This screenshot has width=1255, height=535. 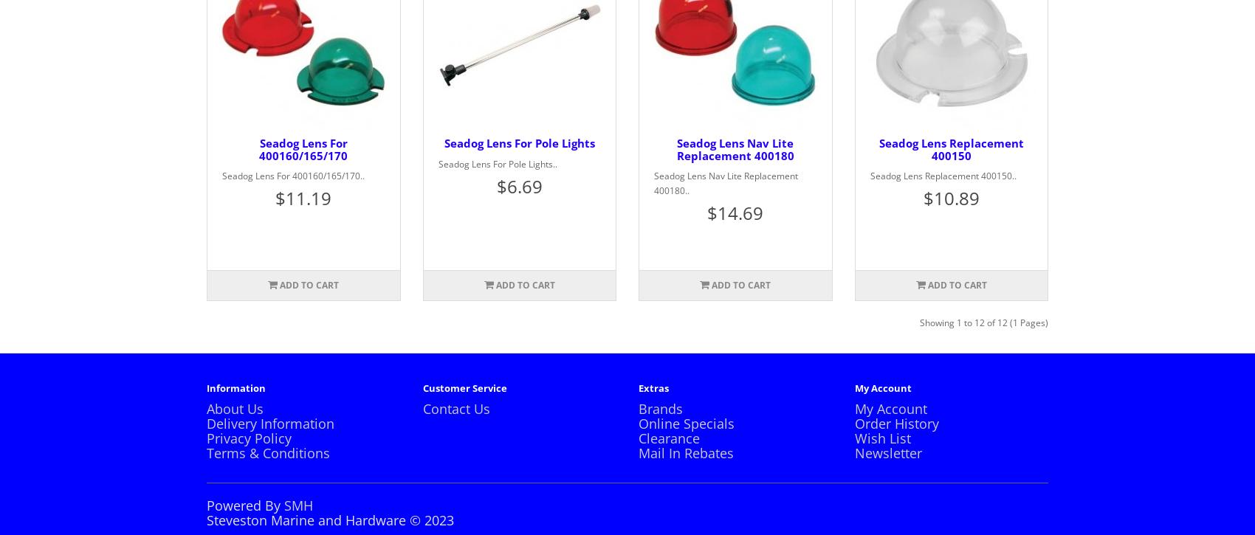 I want to click on 'Seadog Lens For 400160/165/170..', so click(x=292, y=175).